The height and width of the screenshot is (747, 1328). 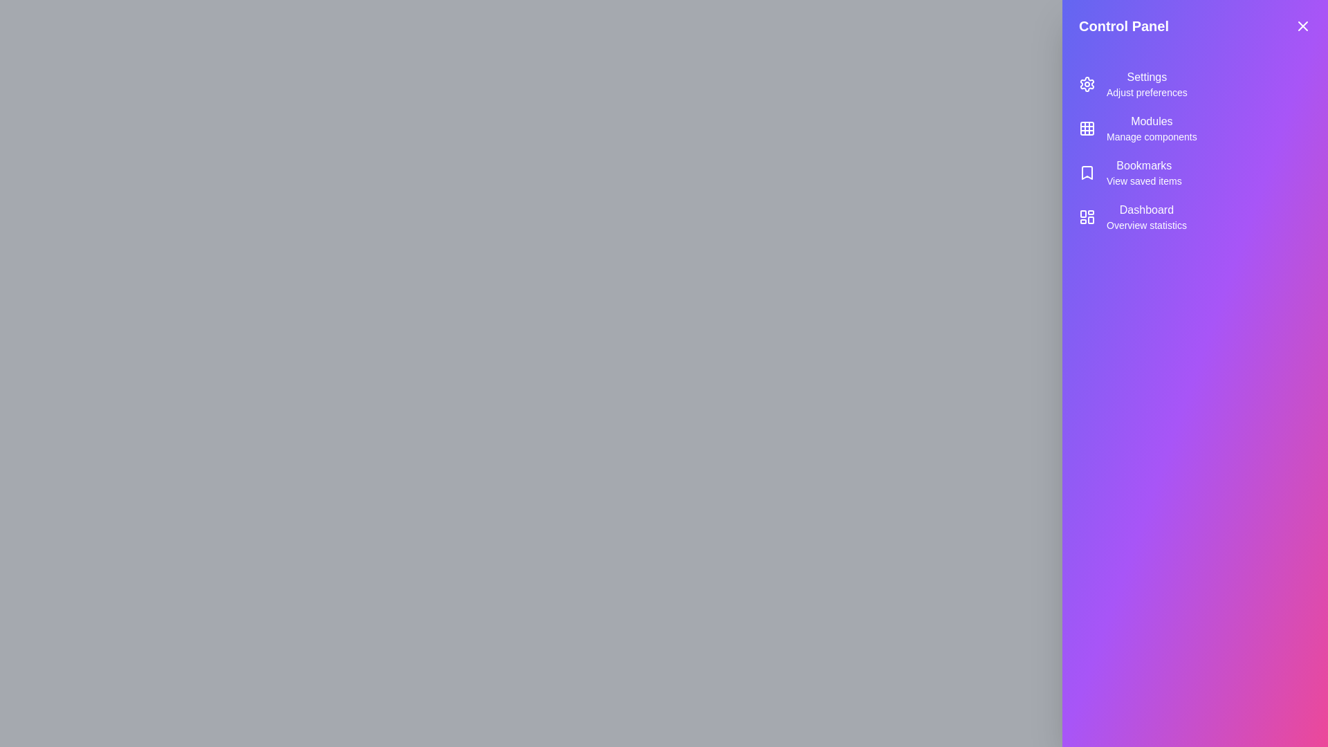 I want to click on the descriptive text label located directly below the 'Settings' label in the 'Control Panel' sidebar, so click(x=1147, y=93).